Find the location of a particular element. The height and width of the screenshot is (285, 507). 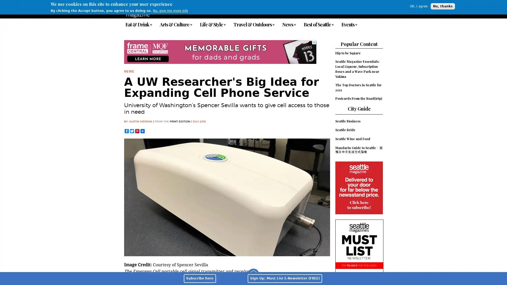

OK, I agree is located at coordinates (418, 6).